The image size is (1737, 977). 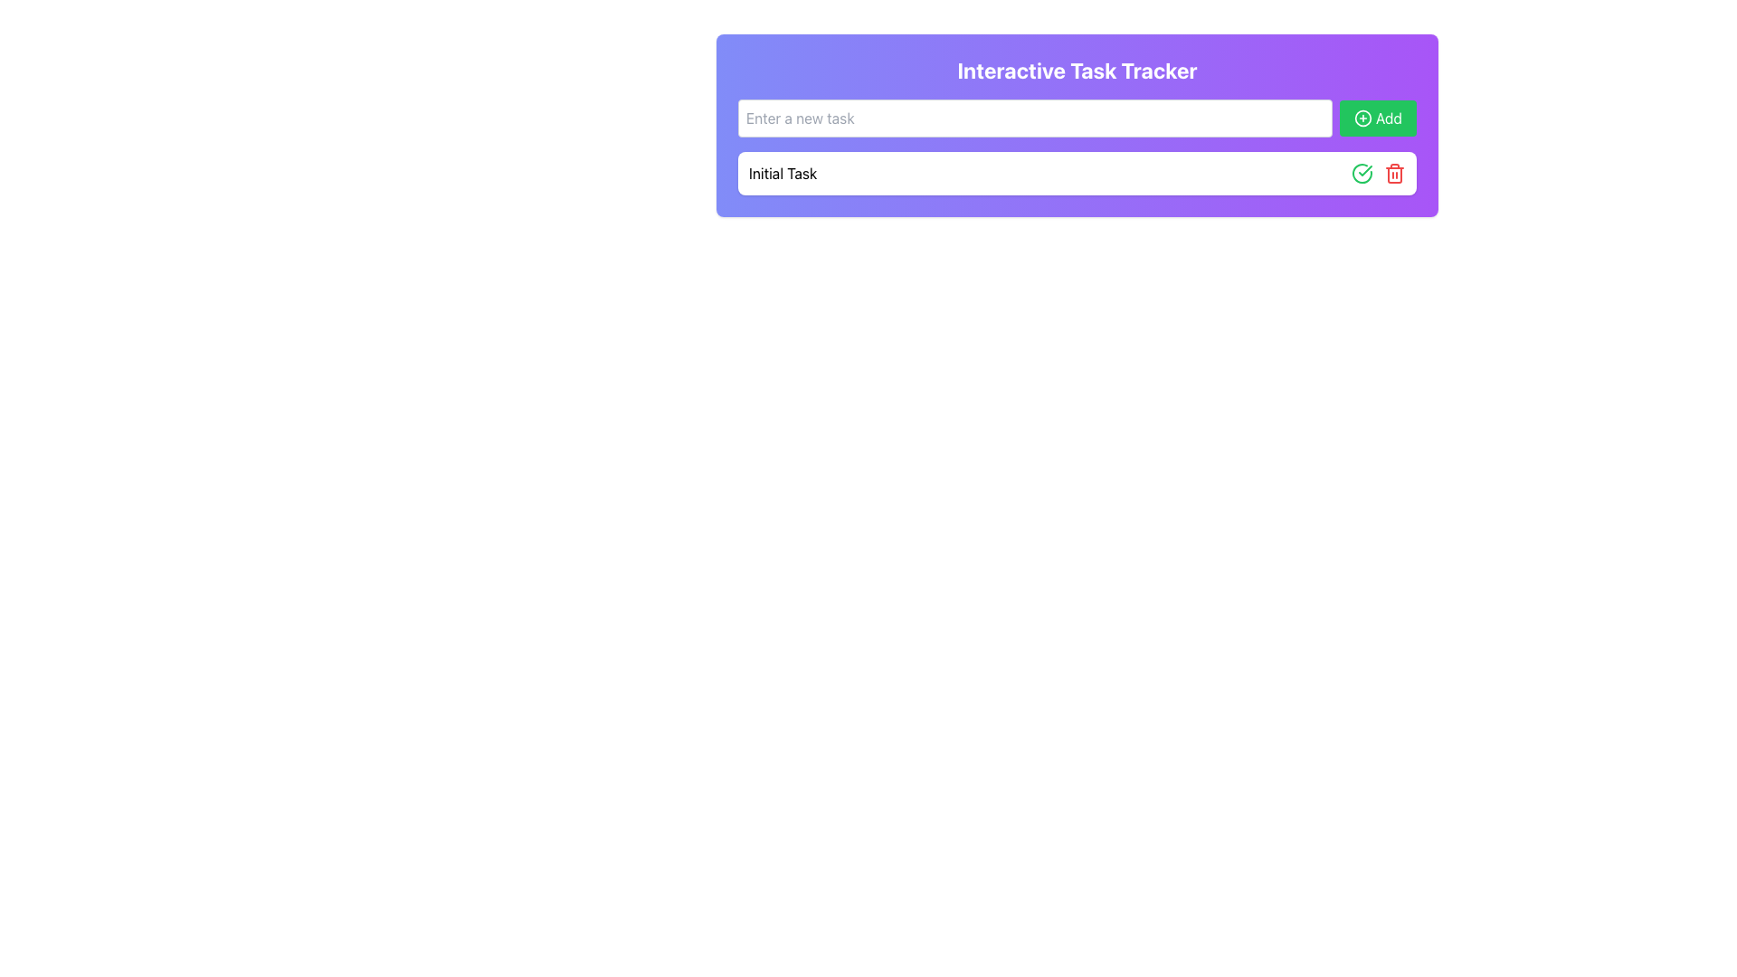 I want to click on the green checkmark button located within the action buttons group in the task management interface to mark the task as complete, so click(x=1377, y=174).